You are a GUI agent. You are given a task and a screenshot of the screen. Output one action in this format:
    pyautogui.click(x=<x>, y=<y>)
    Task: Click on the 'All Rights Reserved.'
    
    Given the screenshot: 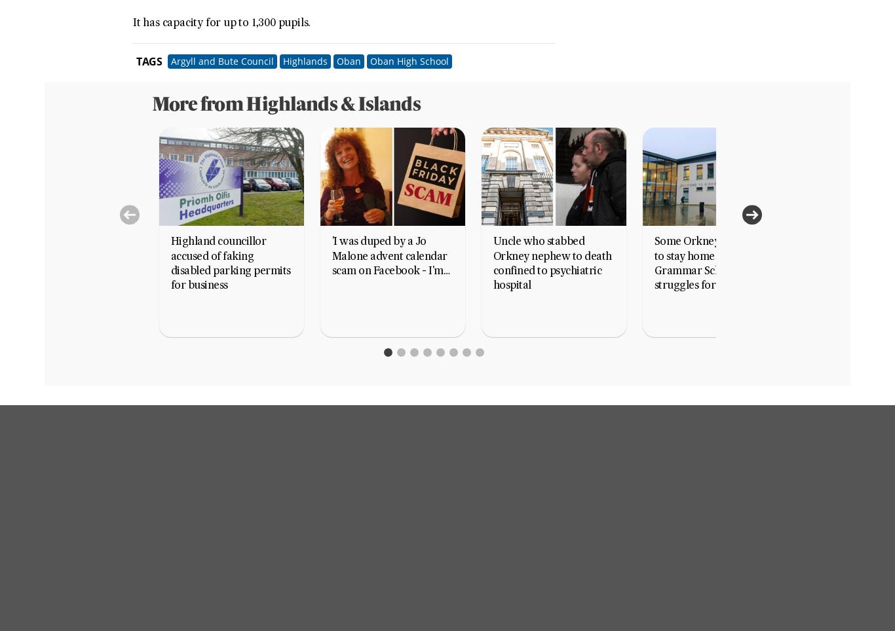 What is the action you would take?
    pyautogui.click(x=408, y=596)
    